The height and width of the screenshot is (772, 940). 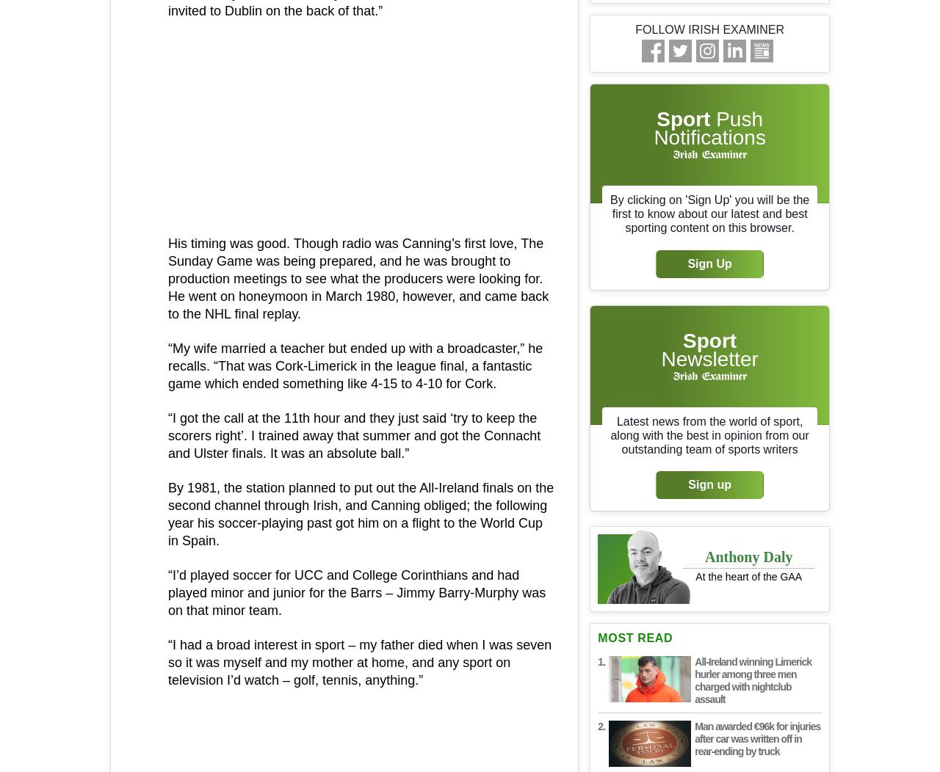 I want to click on 'Organisation: Offaly', so click(x=256, y=721).